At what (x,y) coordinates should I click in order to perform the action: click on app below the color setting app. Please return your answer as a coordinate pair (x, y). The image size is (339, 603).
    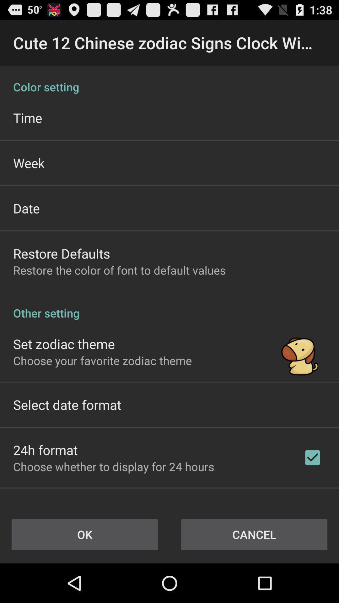
    Looking at the image, I should click on (27, 117).